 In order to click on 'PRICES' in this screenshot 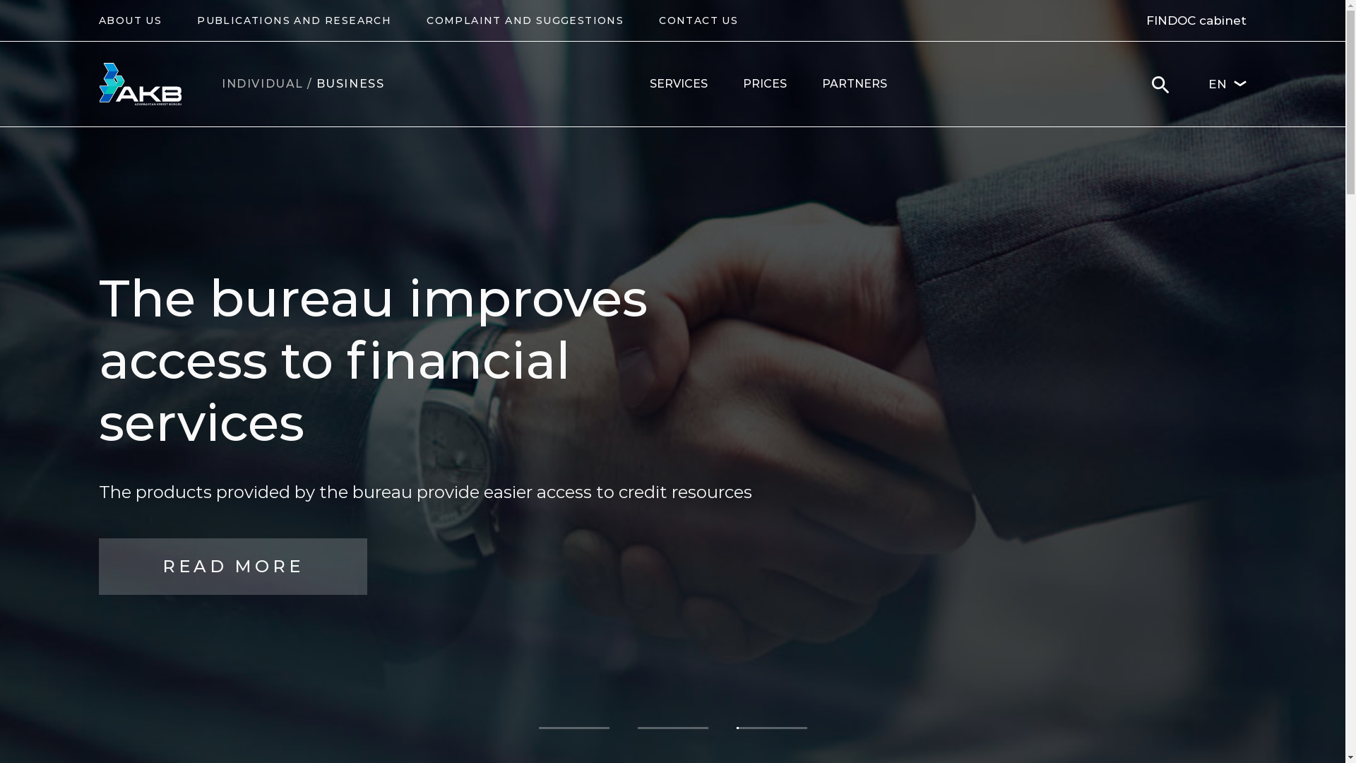, I will do `click(764, 84)`.